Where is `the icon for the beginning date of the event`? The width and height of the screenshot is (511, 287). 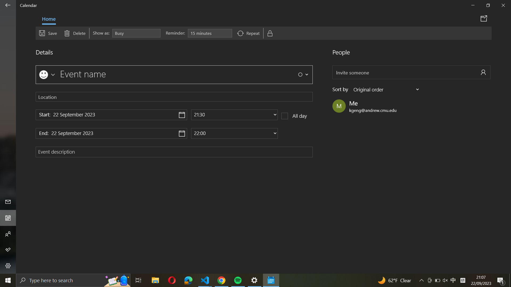 the icon for the beginning date of the event is located at coordinates (111, 115).